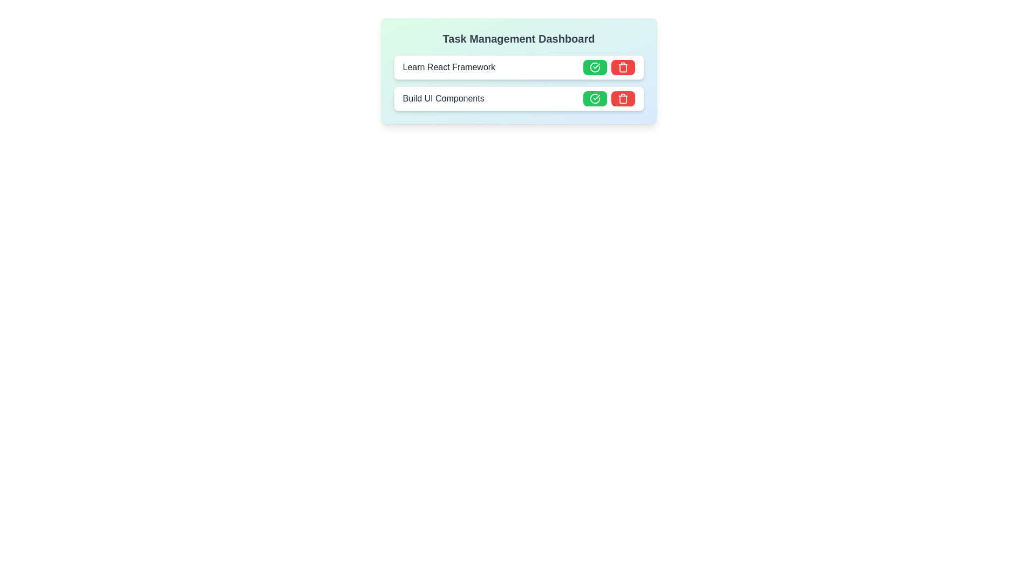  Describe the element at coordinates (444, 98) in the screenshot. I see `the Text Label that identifies the task in the task management interface, located in the second item of the vertically arranged list of task entries` at that location.